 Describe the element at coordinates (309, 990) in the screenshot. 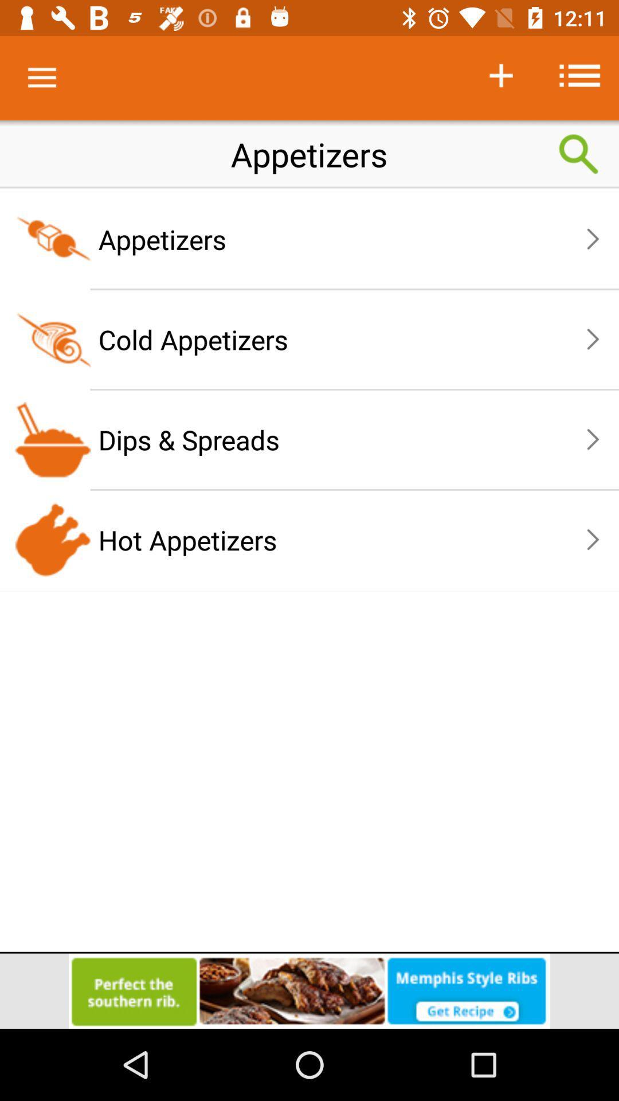

I see `advertisement` at that location.